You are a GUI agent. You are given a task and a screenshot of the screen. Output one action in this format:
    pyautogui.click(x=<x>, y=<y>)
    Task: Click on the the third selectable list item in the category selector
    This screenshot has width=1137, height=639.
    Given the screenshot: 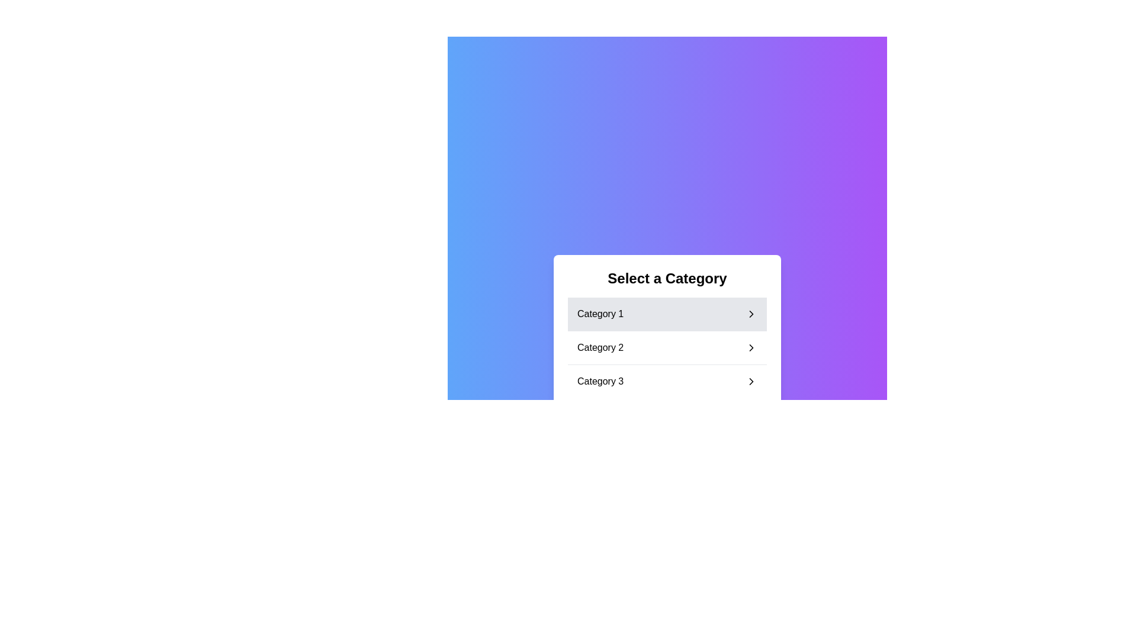 What is the action you would take?
    pyautogui.click(x=667, y=381)
    